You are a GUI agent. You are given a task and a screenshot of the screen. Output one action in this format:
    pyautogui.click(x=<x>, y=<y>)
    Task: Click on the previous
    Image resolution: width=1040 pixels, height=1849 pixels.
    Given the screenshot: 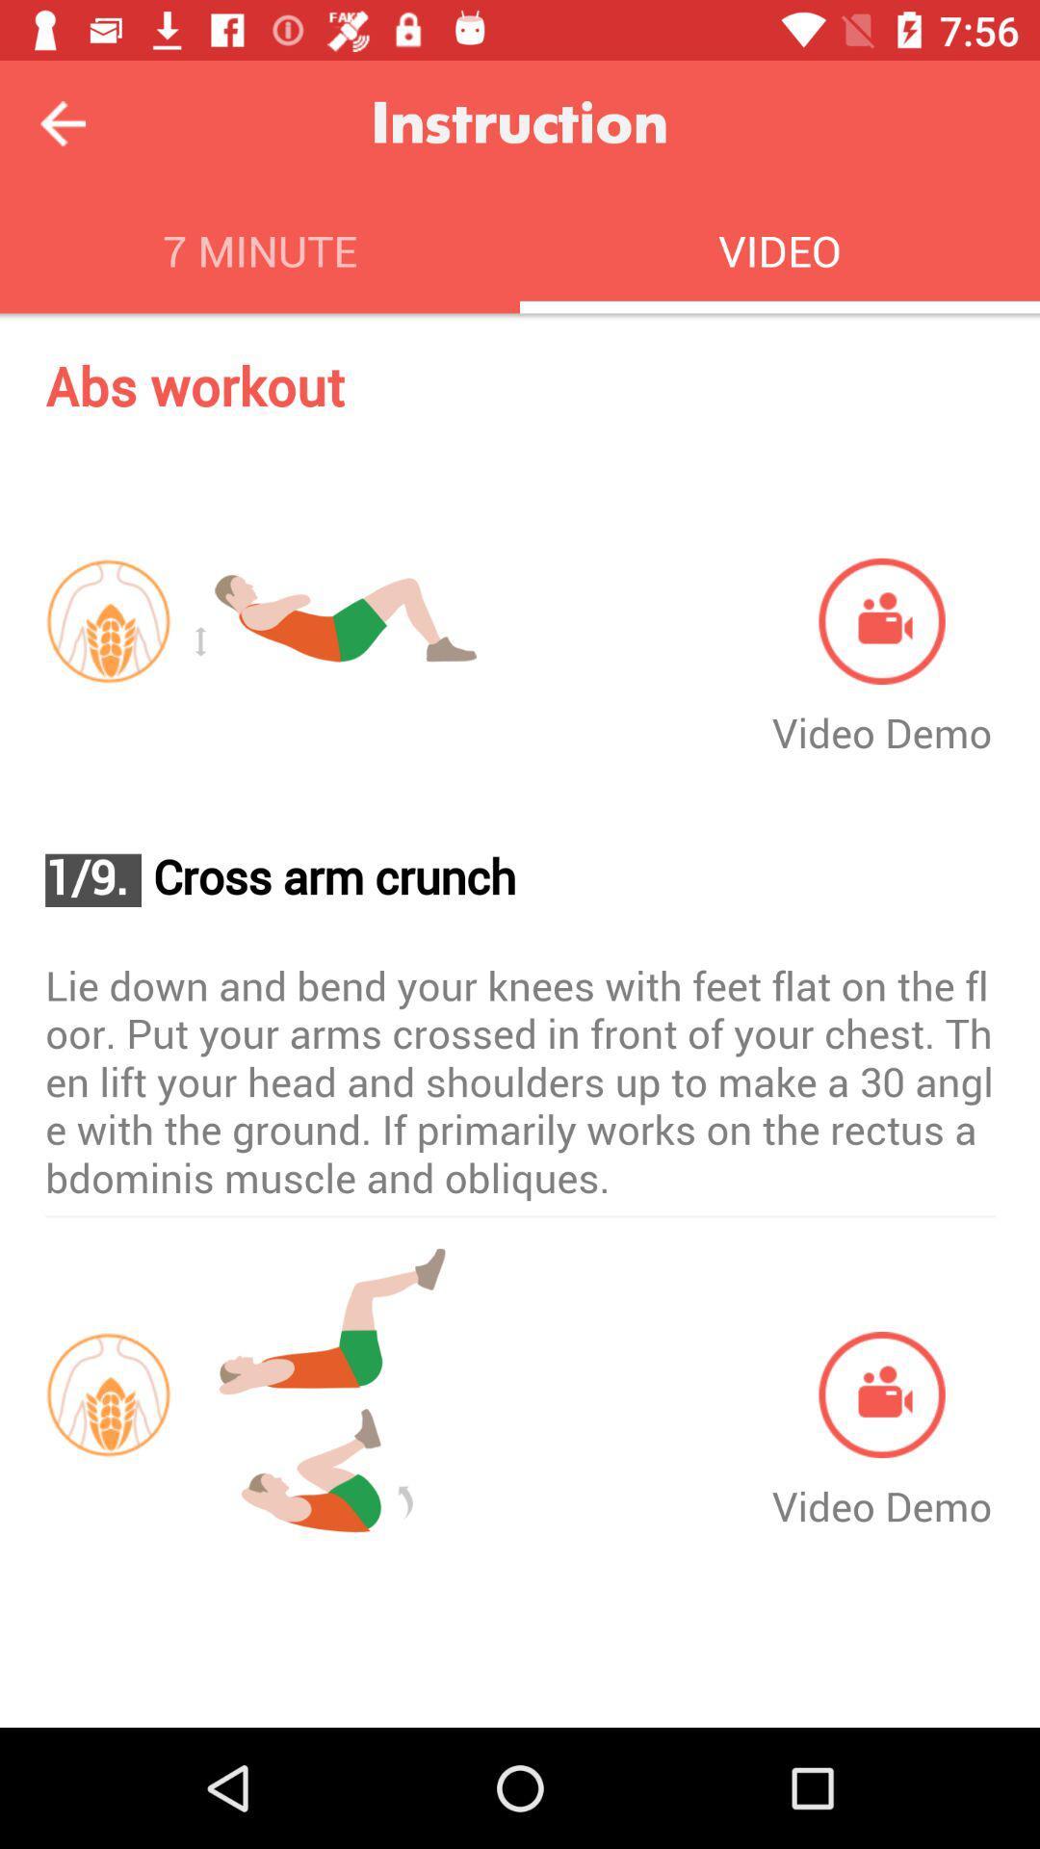 What is the action you would take?
    pyautogui.click(x=62, y=122)
    